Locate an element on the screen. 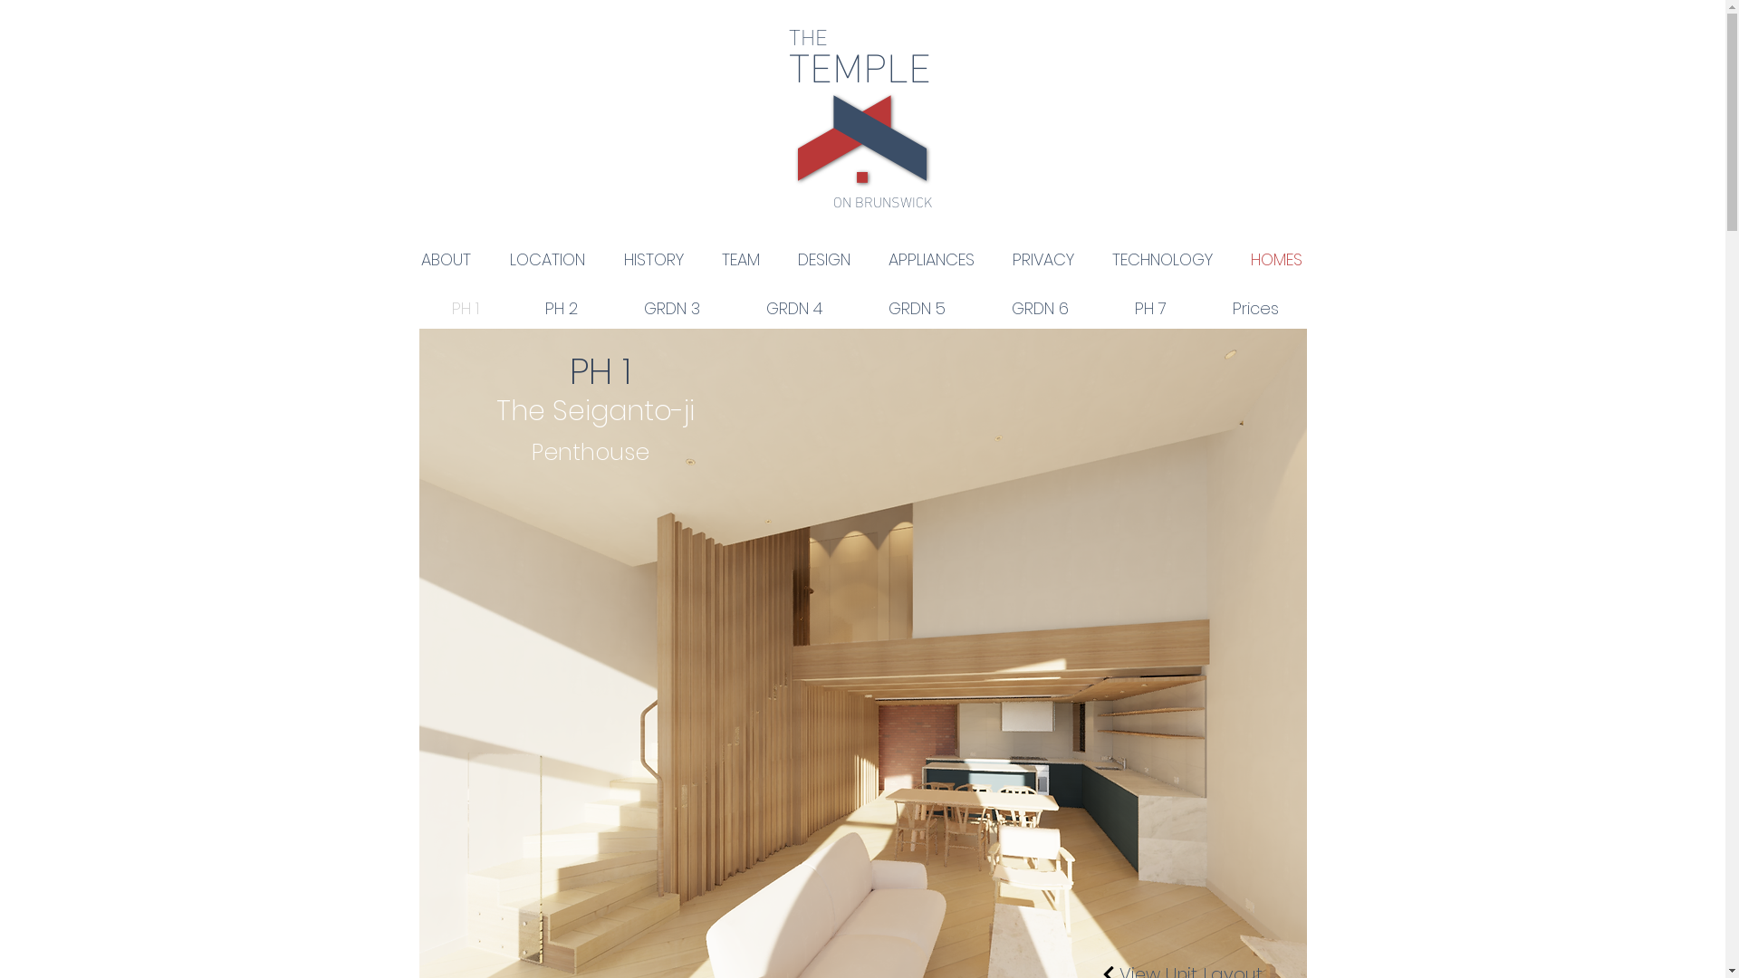 This screenshot has height=978, width=1739. 'TECHNOLOGY' is located at coordinates (1161, 259).